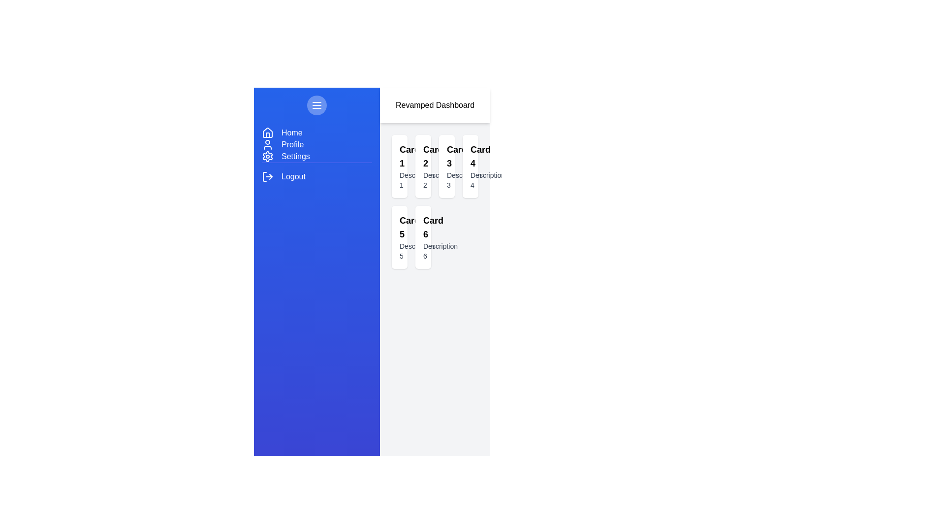 The height and width of the screenshot is (532, 945). Describe the element at coordinates (316, 155) in the screenshot. I see `the 'Settings' menu item in the vertical sidebar menu` at that location.